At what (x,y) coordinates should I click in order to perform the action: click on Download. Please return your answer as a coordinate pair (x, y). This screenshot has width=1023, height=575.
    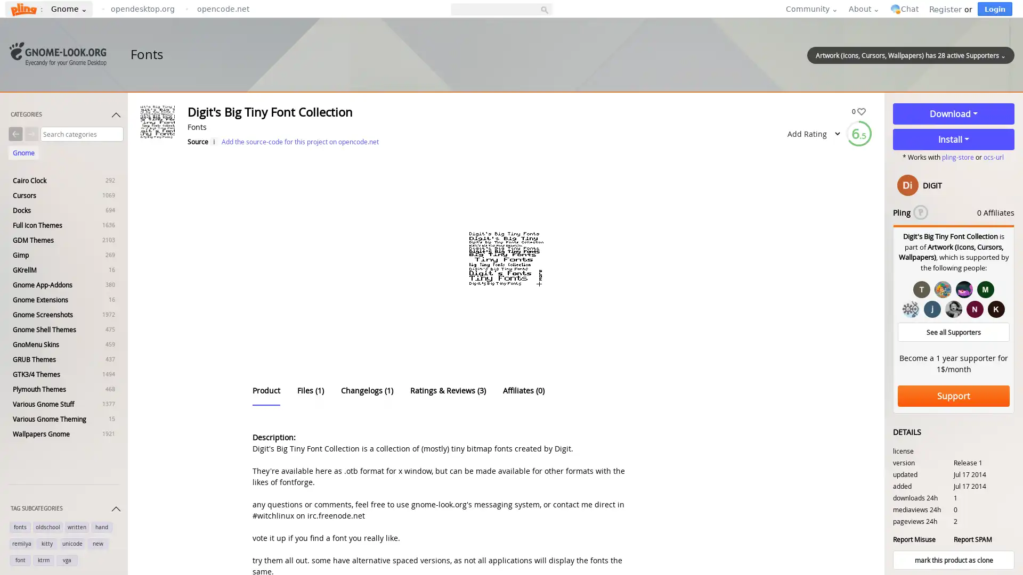
    Looking at the image, I should click on (954, 113).